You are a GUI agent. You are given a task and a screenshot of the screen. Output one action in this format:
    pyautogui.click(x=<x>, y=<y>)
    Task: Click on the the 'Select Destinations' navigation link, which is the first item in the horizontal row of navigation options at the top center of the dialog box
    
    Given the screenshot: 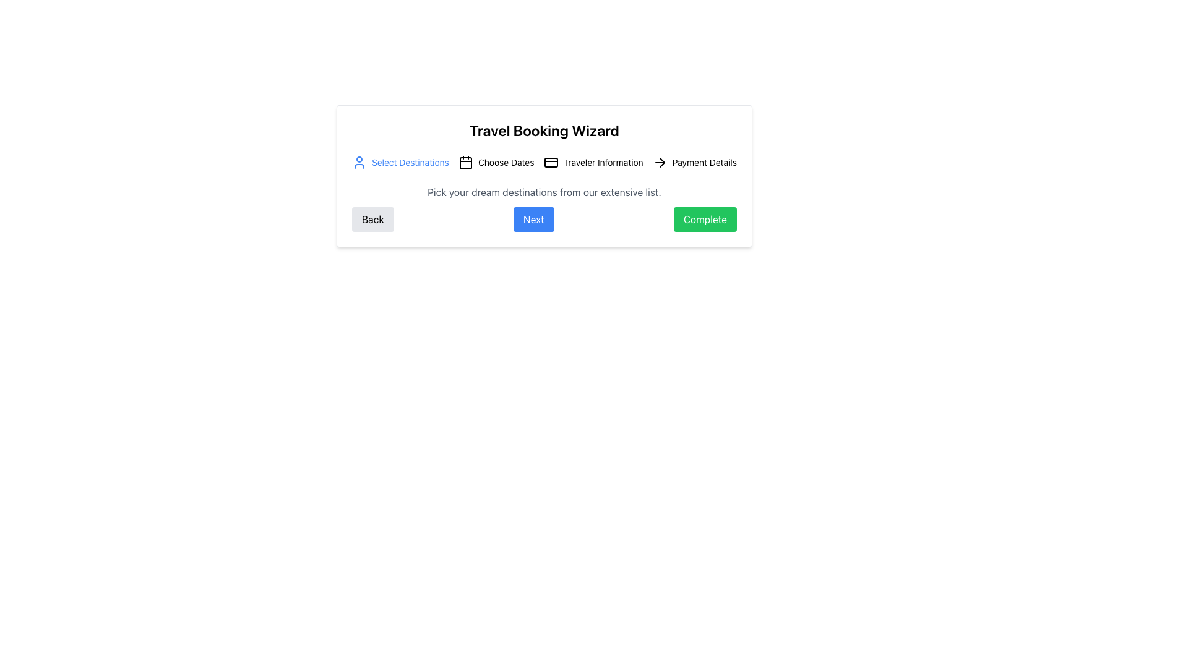 What is the action you would take?
    pyautogui.click(x=400, y=161)
    